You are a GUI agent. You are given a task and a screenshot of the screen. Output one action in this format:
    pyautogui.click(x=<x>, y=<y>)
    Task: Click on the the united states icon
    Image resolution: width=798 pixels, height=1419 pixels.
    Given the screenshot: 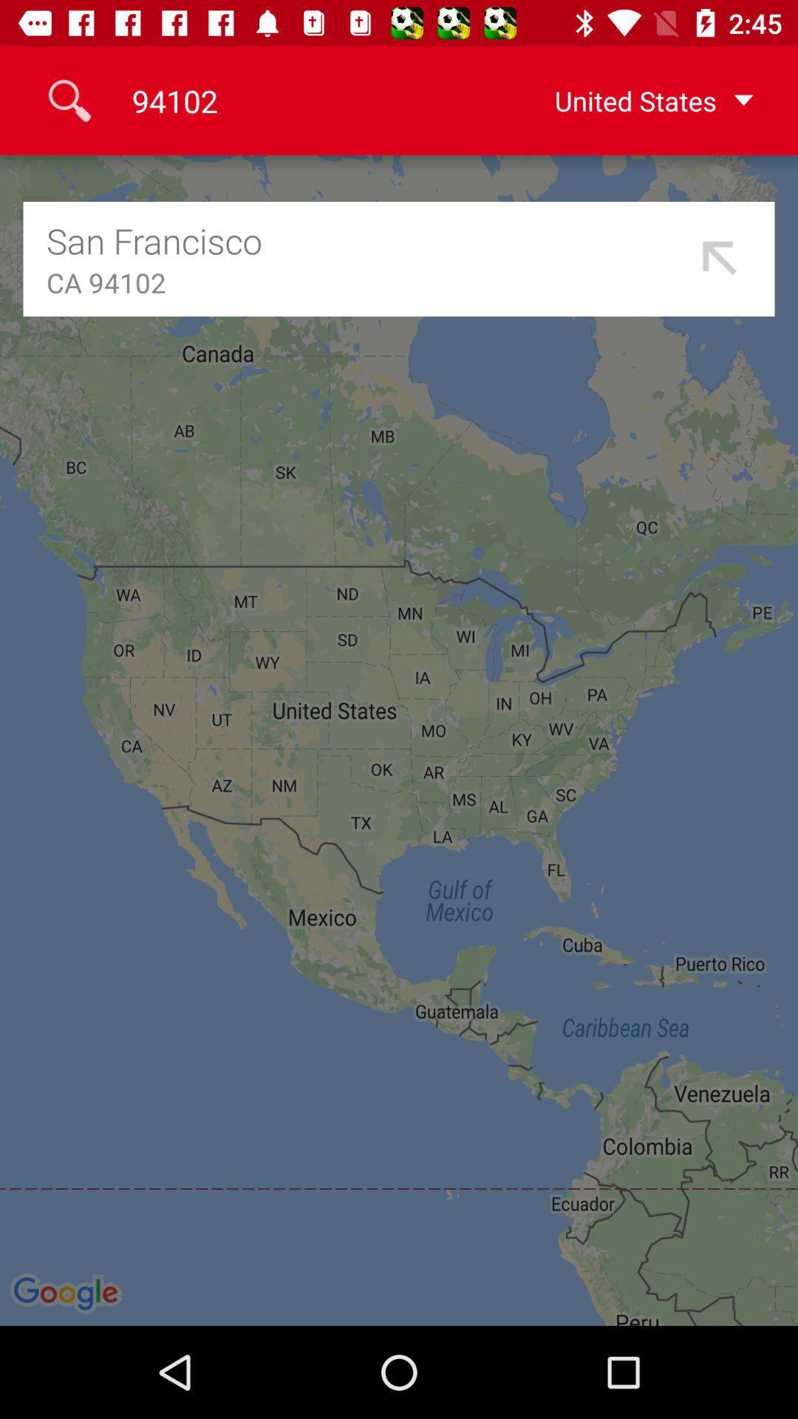 What is the action you would take?
    pyautogui.click(x=630, y=100)
    